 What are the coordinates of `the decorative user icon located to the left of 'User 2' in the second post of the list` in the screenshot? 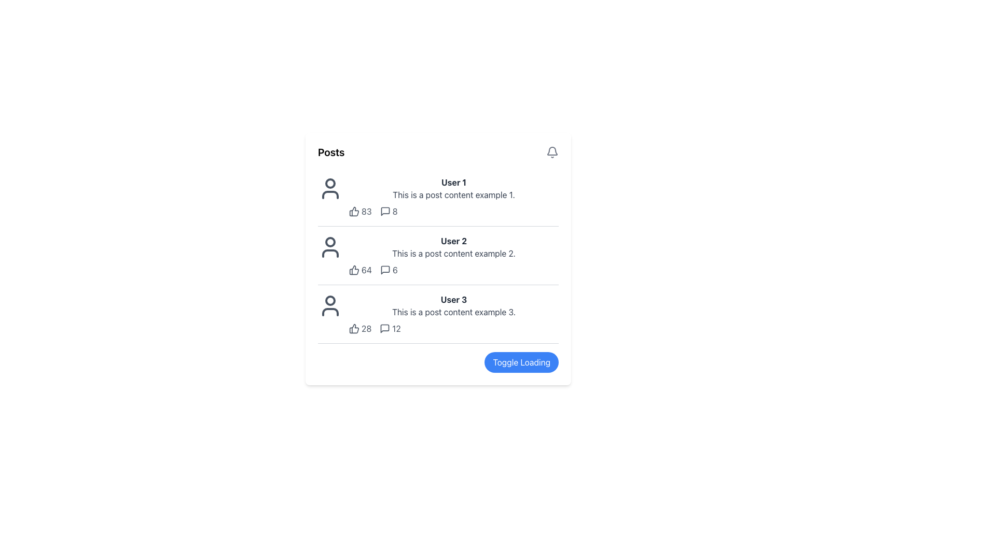 It's located at (330, 247).